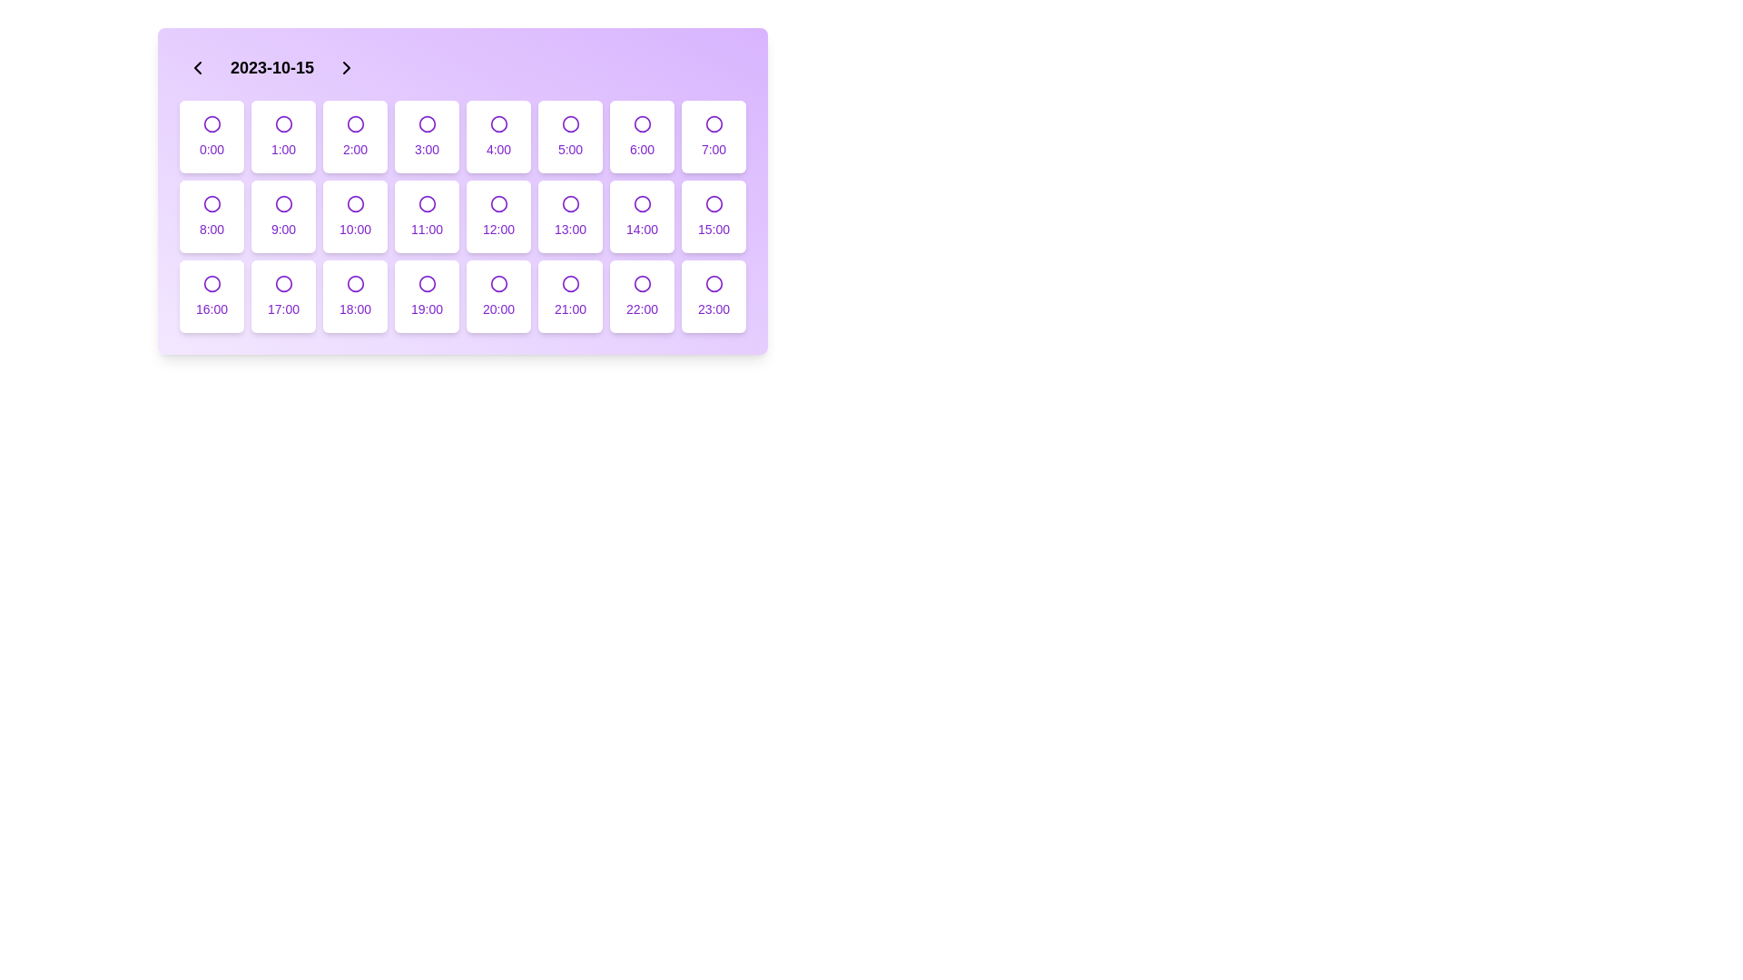 The height and width of the screenshot is (980, 1743). What do you see at coordinates (462, 191) in the screenshot?
I see `the selectable time slot button located in the second row, sixth element of the grid layout within the scheduling interface` at bounding box center [462, 191].